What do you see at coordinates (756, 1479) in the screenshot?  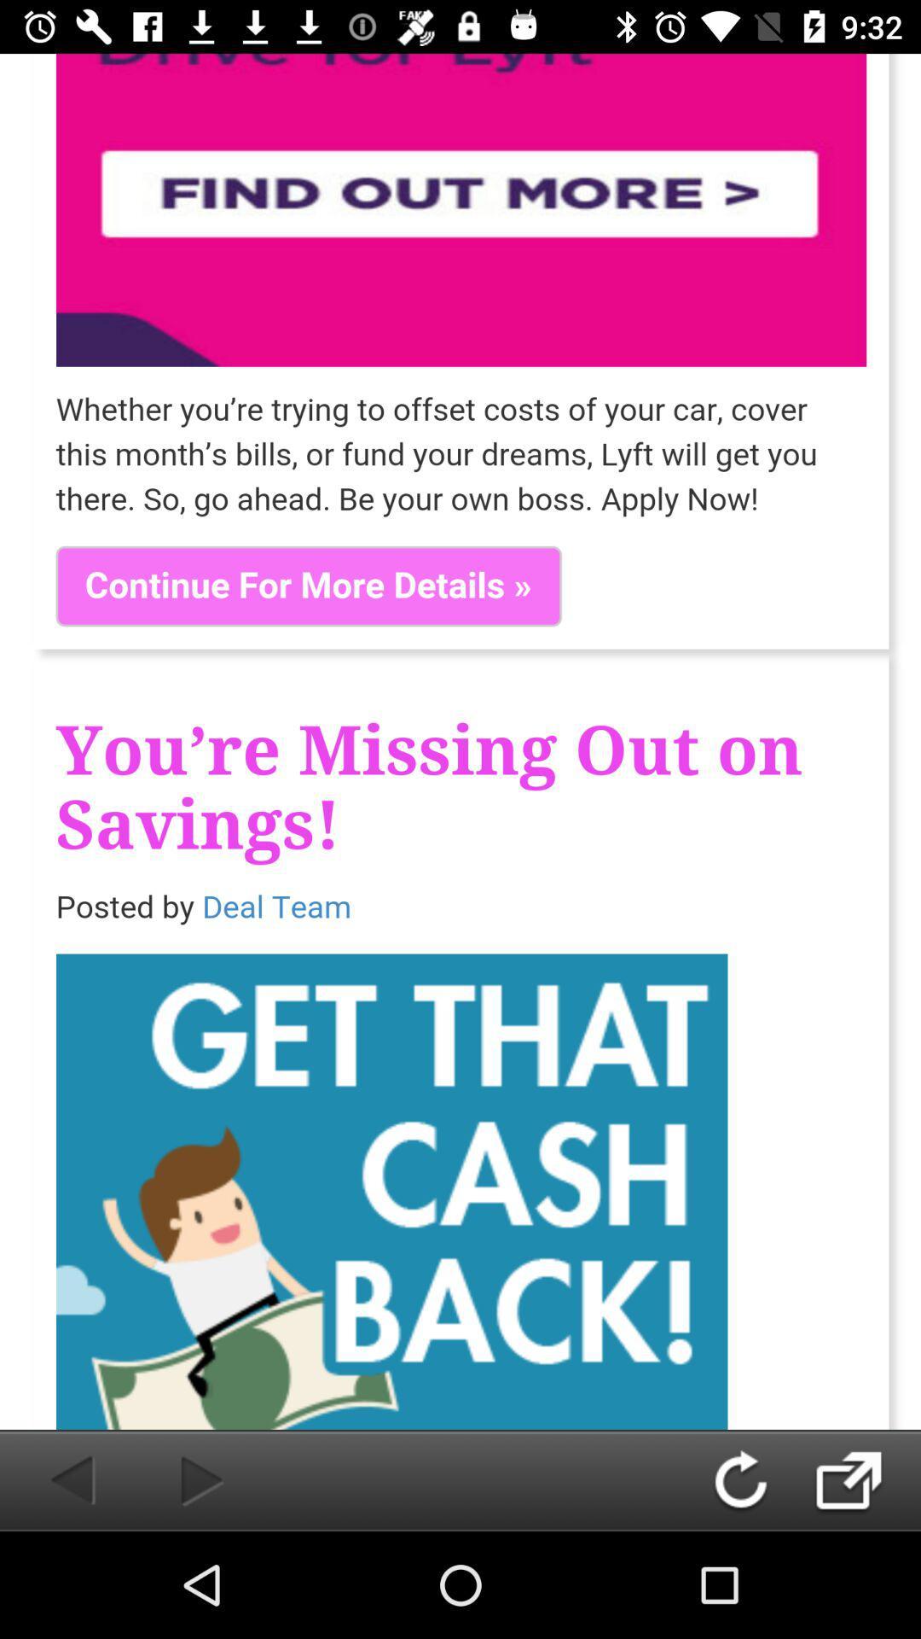 I see `reload page` at bounding box center [756, 1479].